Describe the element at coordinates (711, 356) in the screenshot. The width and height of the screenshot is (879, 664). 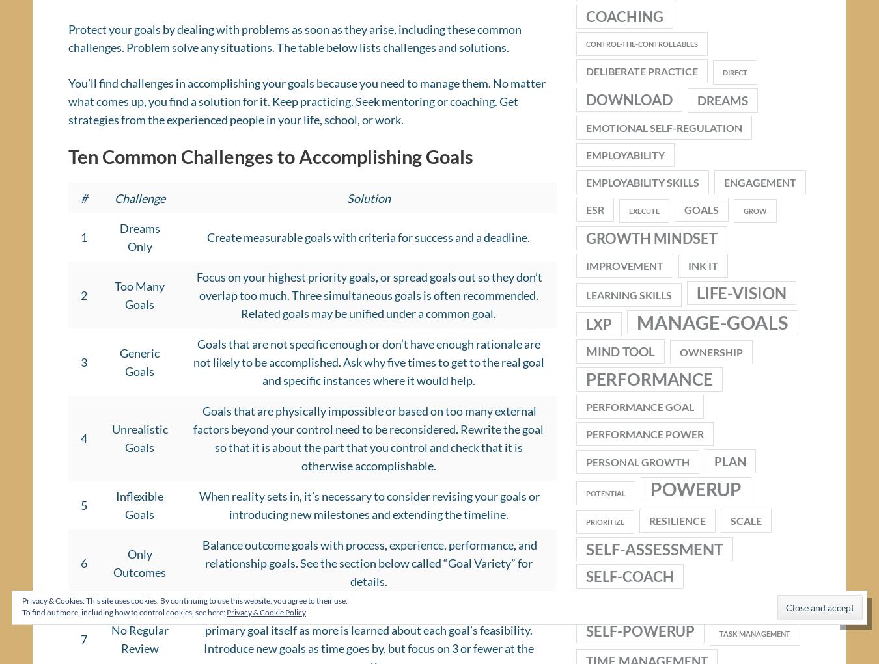
I see `'ownership'` at that location.